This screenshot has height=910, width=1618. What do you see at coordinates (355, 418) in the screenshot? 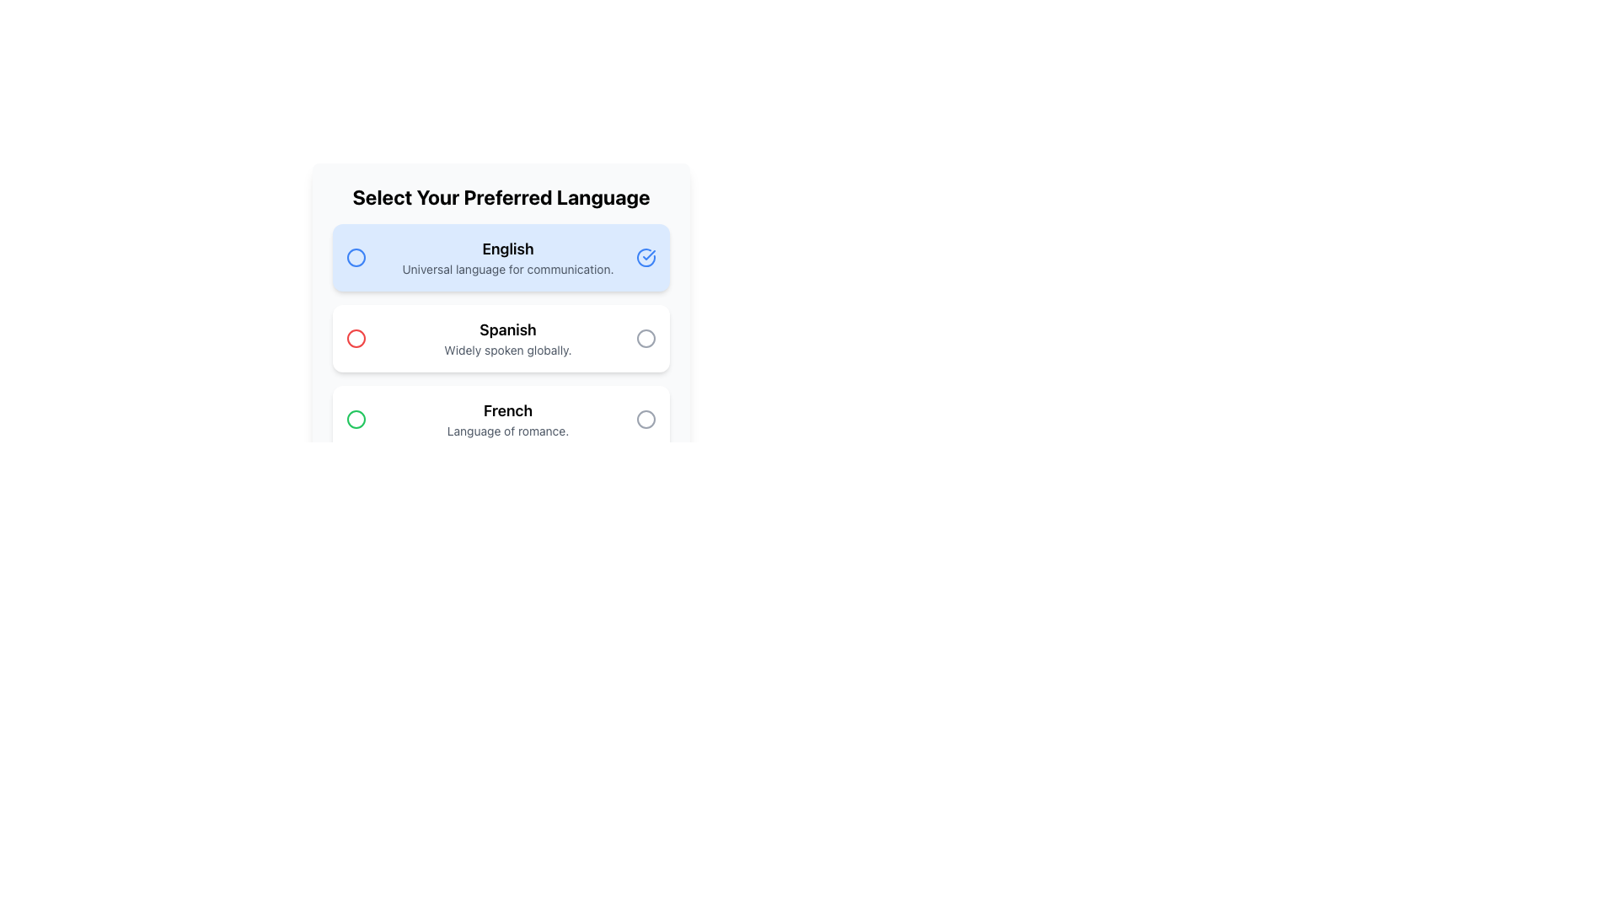
I see `the circular icon with a green border associated with the 'French' language option` at bounding box center [355, 418].